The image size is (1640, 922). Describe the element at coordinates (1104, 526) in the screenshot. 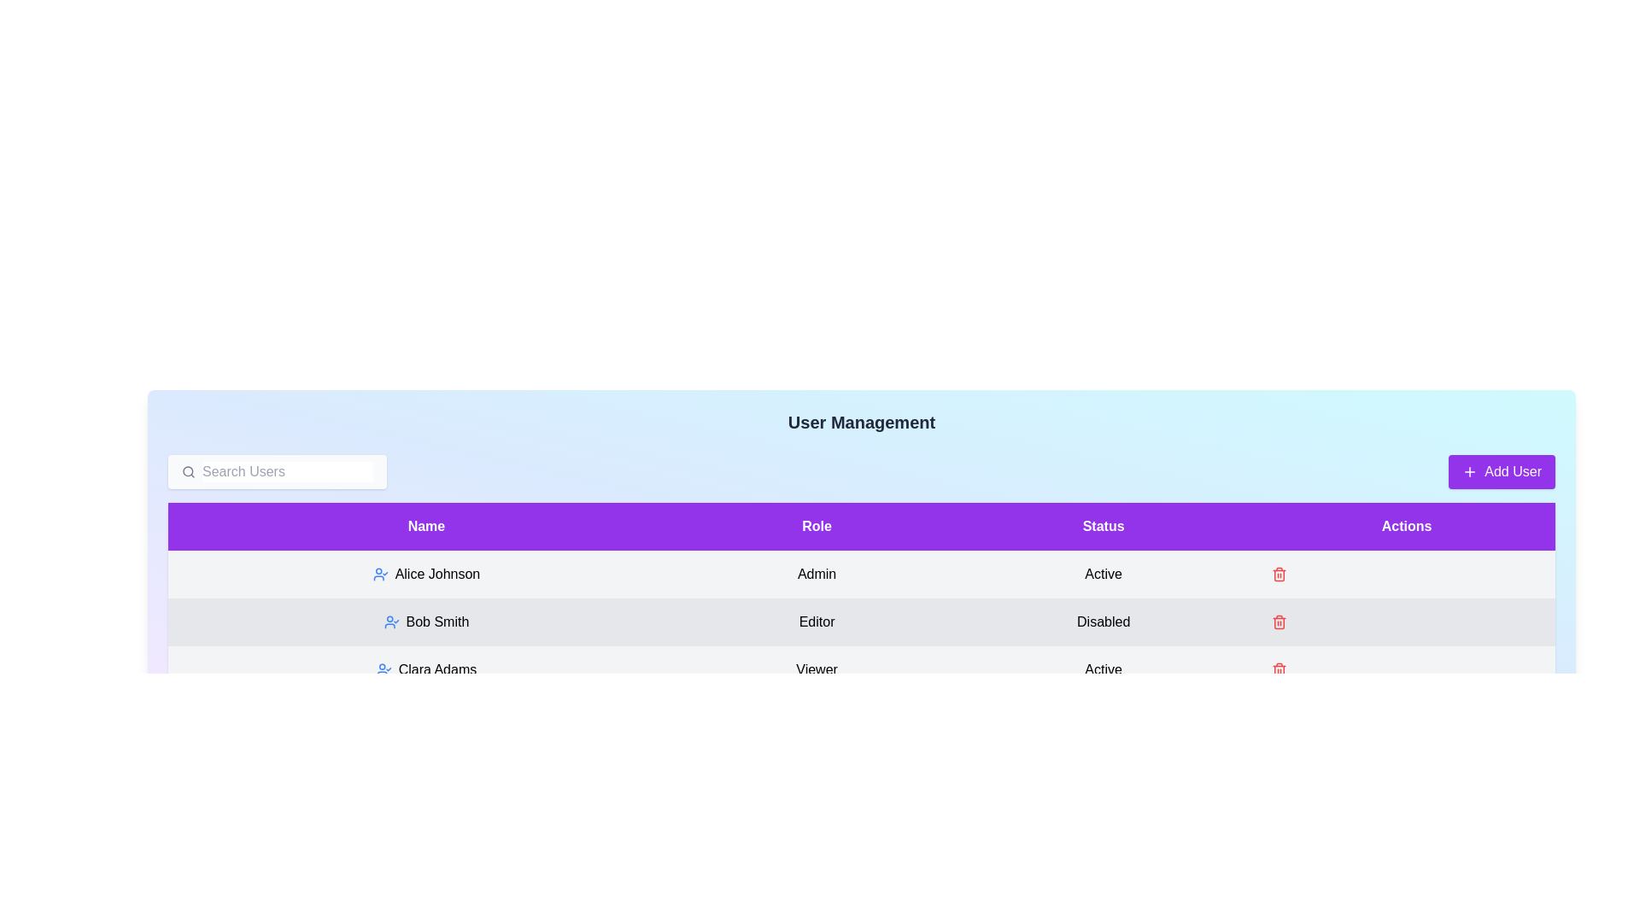

I see `the header Status to sort the table by that column` at that location.